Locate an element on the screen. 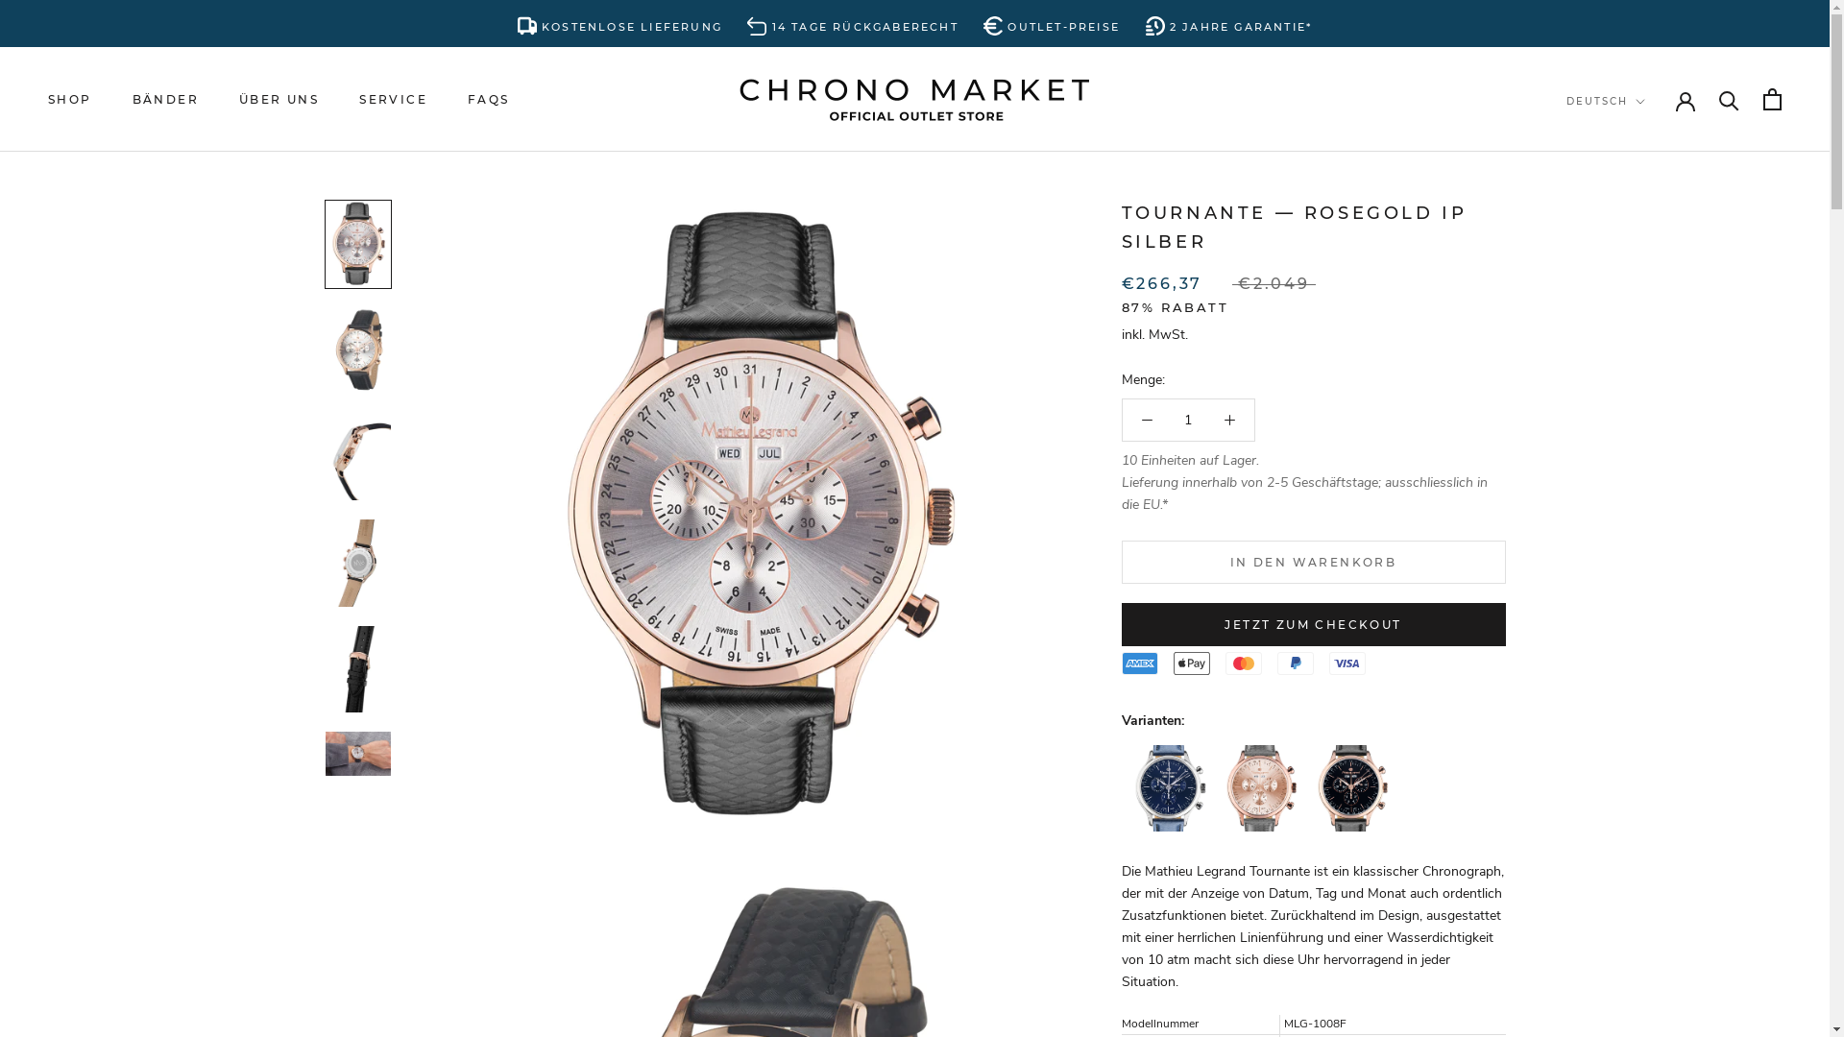 This screenshot has height=1037, width=1844. 'FAQS is located at coordinates (488, 99).